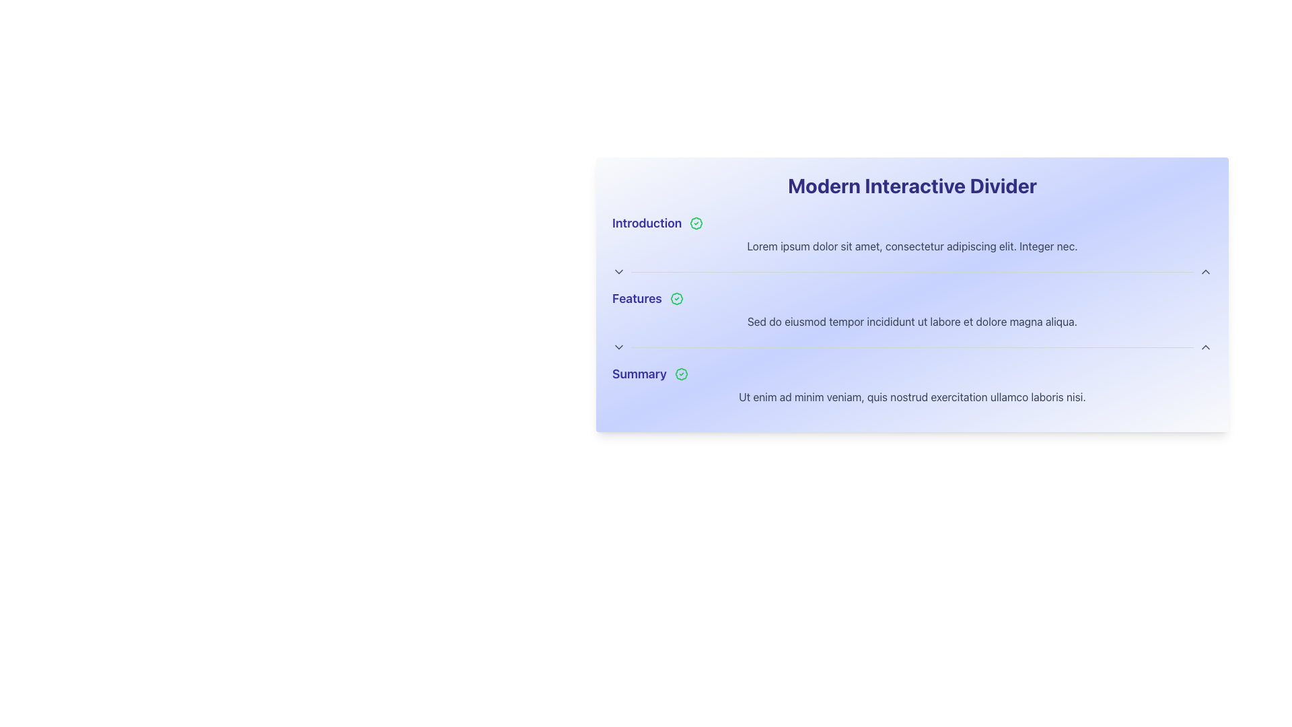 The image size is (1292, 727). Describe the element at coordinates (912, 246) in the screenshot. I see `the Content Section labeled 'Introduction' with a gradient background that is positioned above the 'Features' and 'Summary' sections` at that location.